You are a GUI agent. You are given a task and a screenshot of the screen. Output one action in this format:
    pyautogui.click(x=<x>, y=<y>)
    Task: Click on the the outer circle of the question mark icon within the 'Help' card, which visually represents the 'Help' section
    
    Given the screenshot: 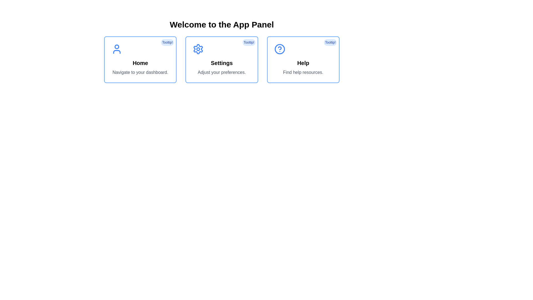 What is the action you would take?
    pyautogui.click(x=280, y=49)
    